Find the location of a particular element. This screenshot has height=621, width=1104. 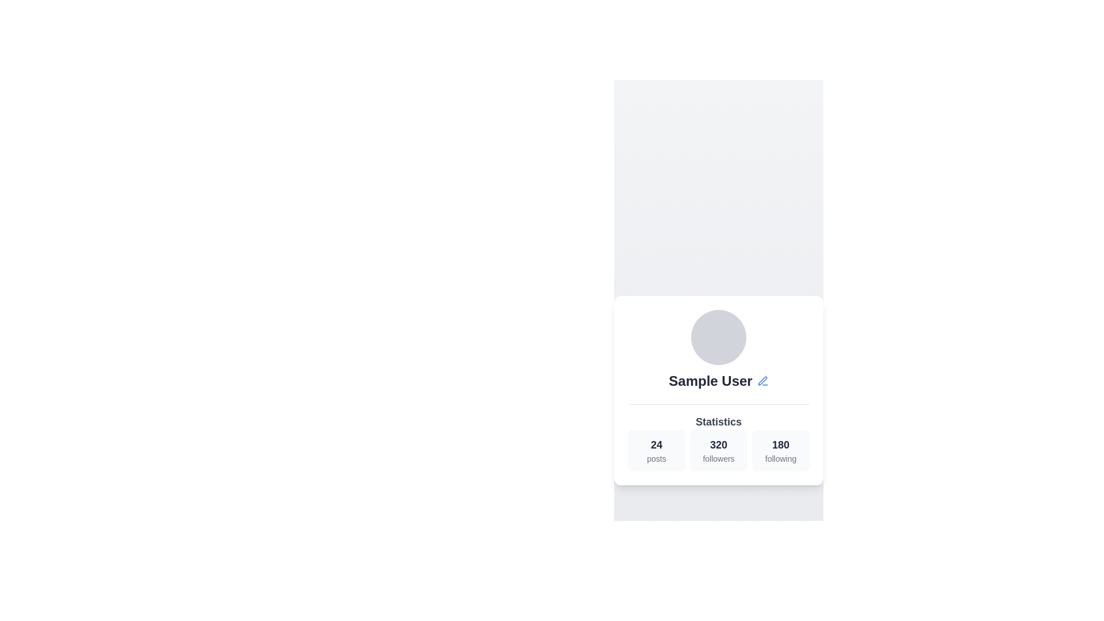

number '180' displayed in bold above the word 'following' within the Informational tile located under the 'Statistics' header is located at coordinates (781, 450).